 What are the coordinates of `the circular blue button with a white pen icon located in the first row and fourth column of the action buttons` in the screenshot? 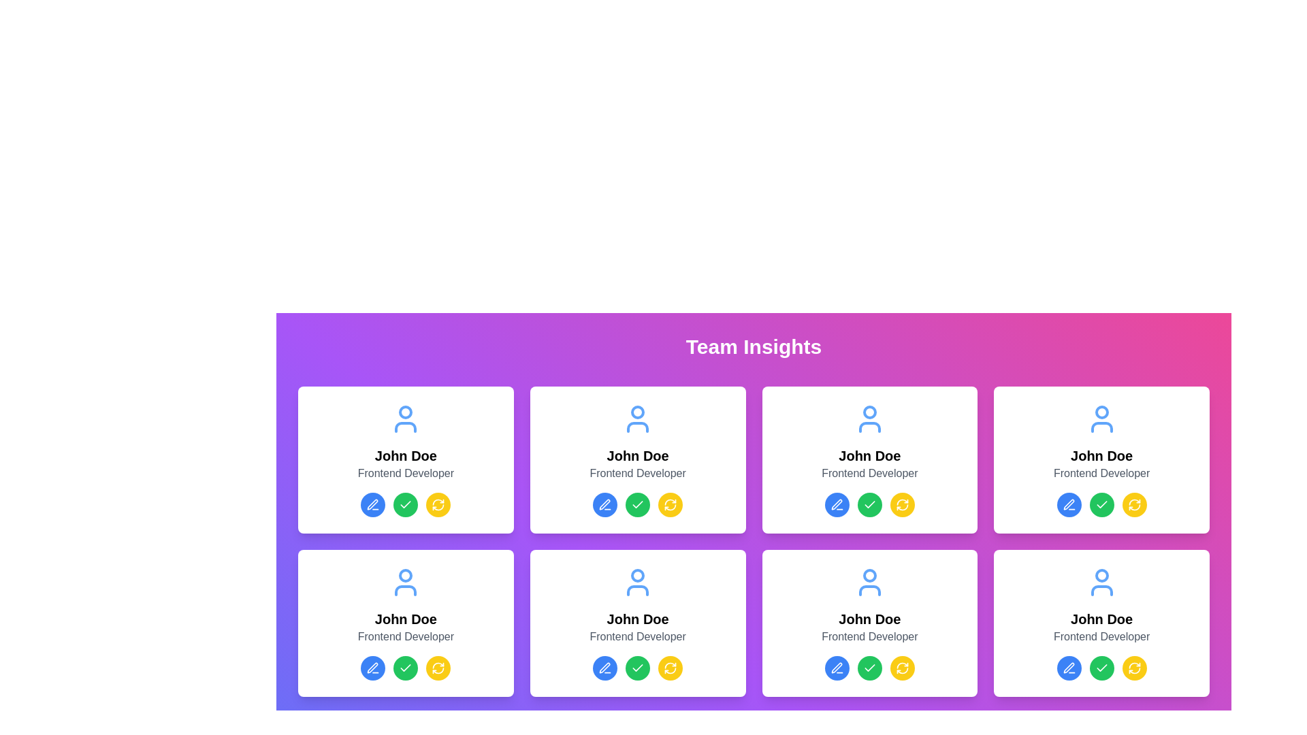 It's located at (1068, 504).